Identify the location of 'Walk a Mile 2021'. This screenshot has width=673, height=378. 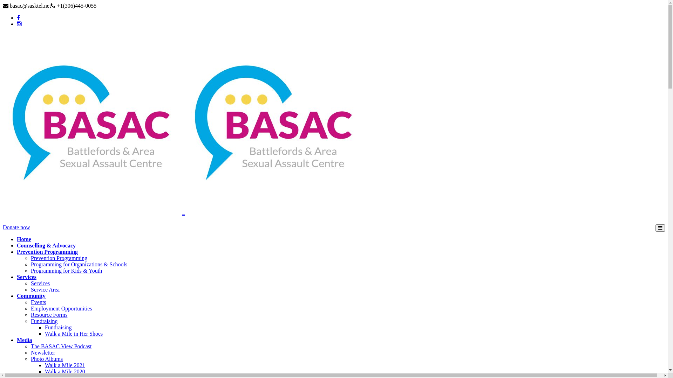
(45, 365).